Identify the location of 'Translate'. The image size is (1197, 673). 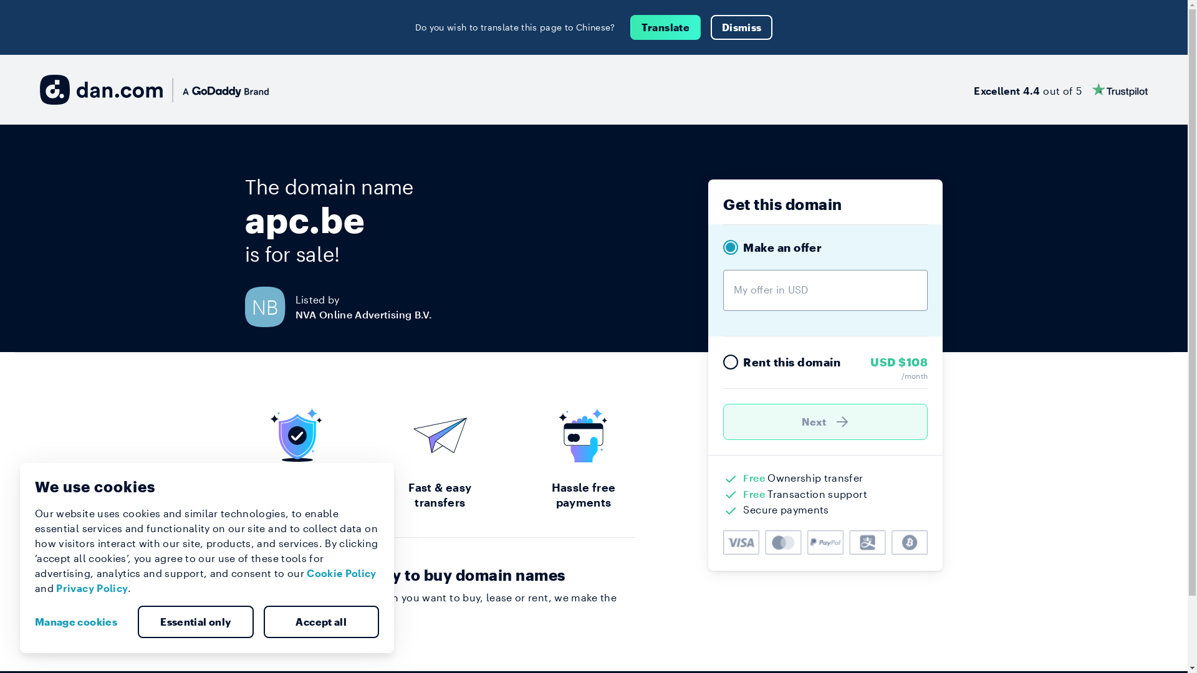
(665, 27).